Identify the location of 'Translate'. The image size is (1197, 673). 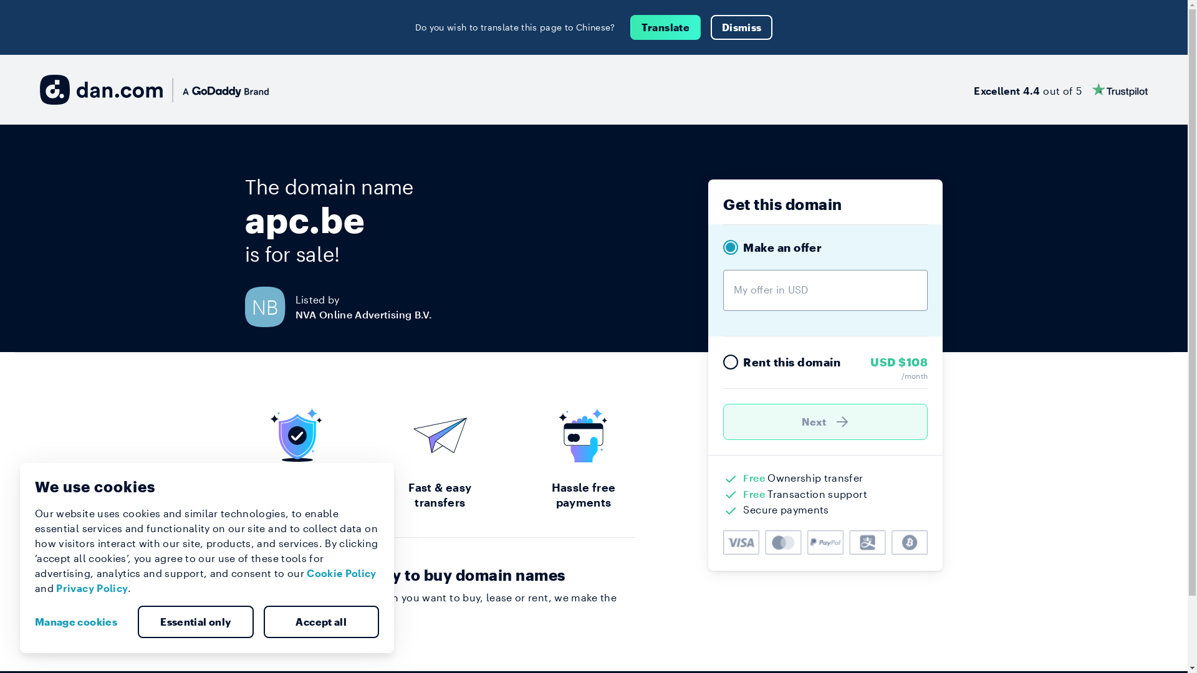
(665, 27).